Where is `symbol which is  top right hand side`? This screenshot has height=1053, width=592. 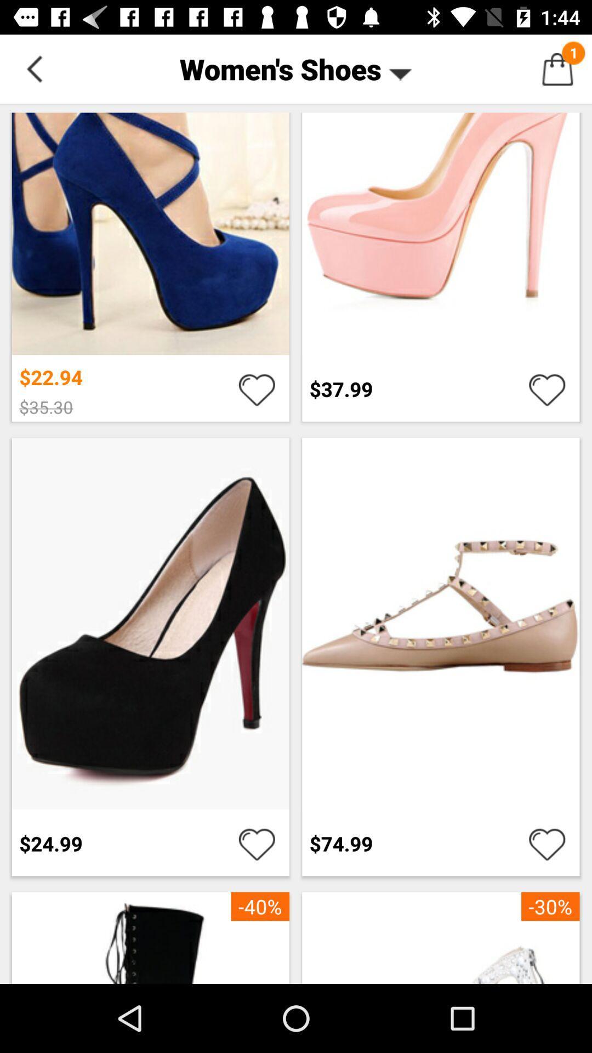
symbol which is  top right hand side is located at coordinates (557, 68).